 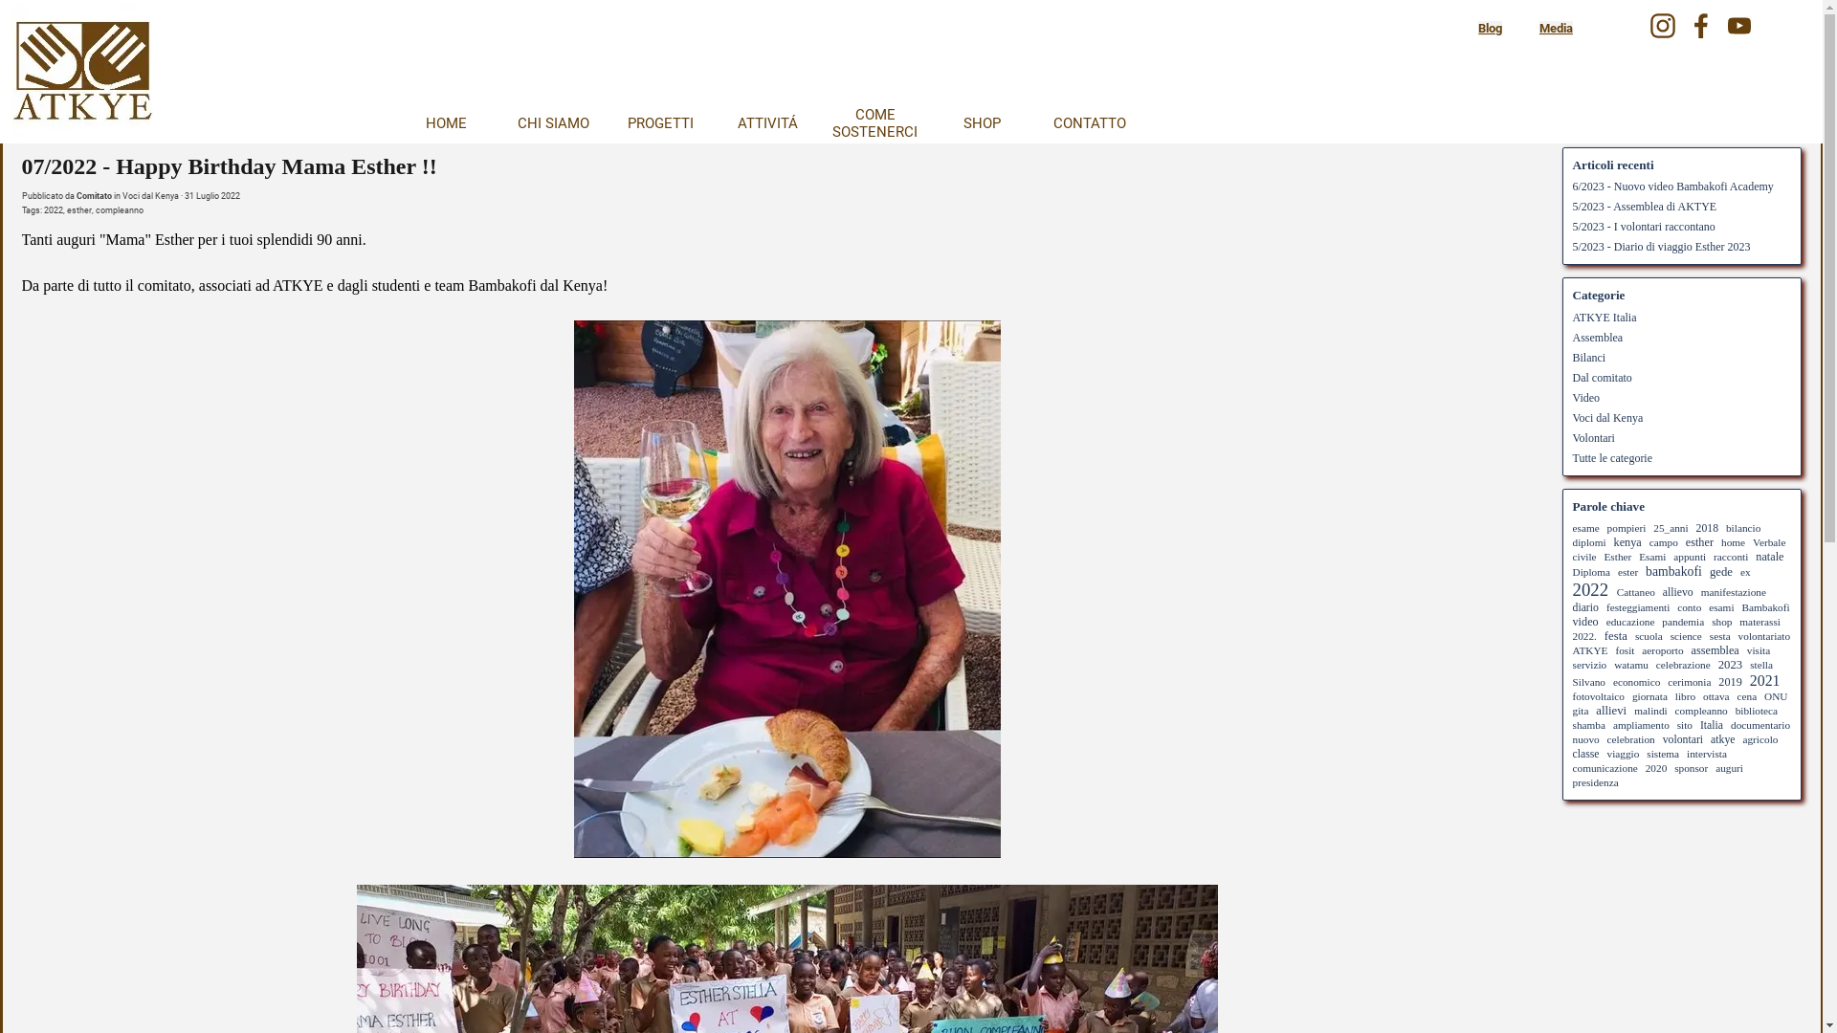 What do you see at coordinates (1700, 590) in the screenshot?
I see `'manifestazione'` at bounding box center [1700, 590].